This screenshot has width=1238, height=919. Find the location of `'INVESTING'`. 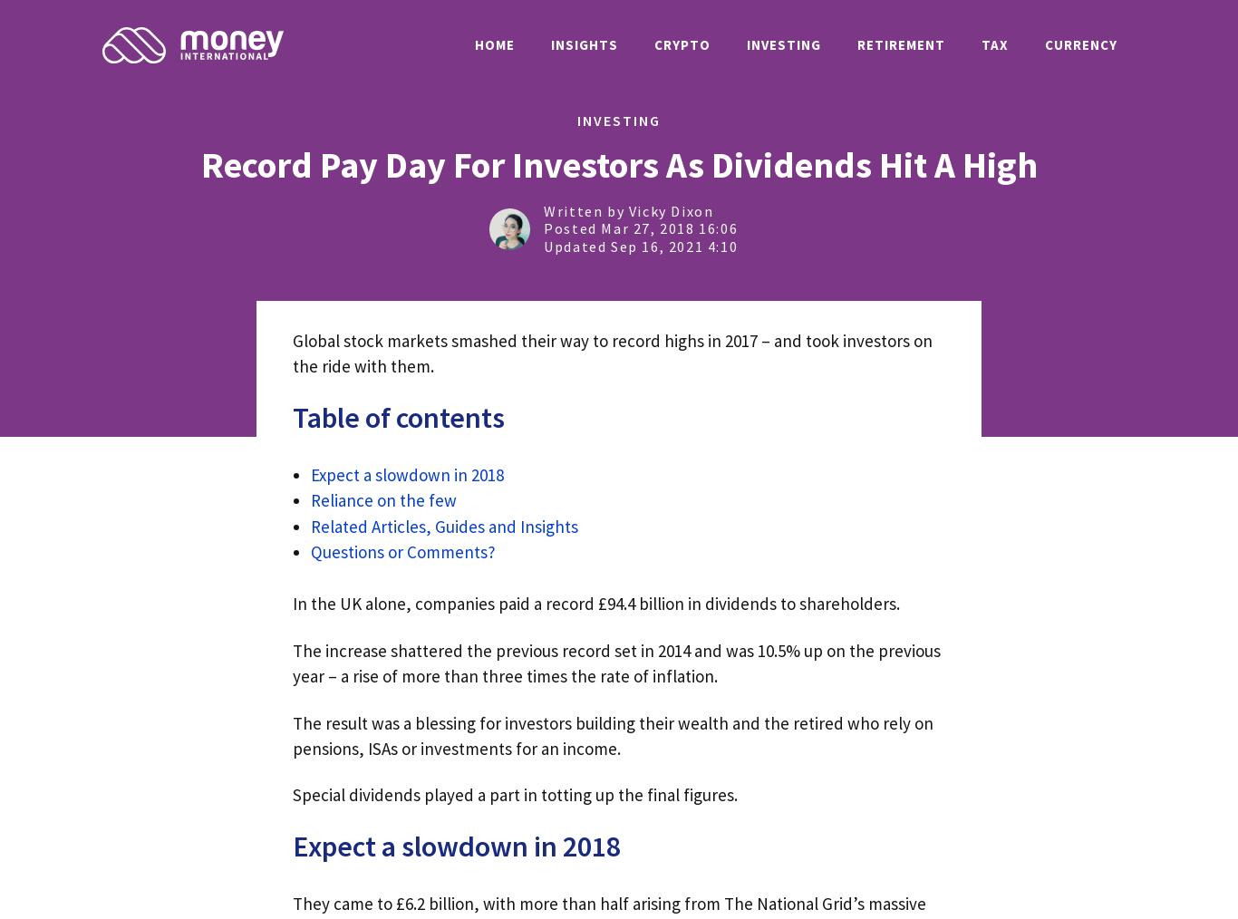

'INVESTING' is located at coordinates (619, 121).